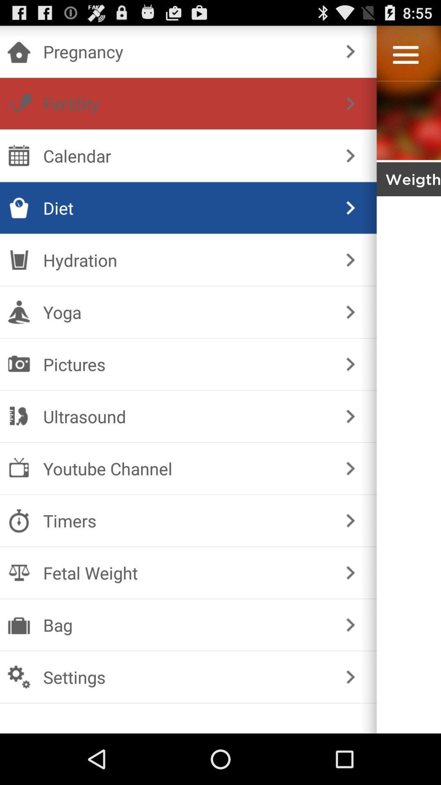  I want to click on the menu bar, so click(405, 54).